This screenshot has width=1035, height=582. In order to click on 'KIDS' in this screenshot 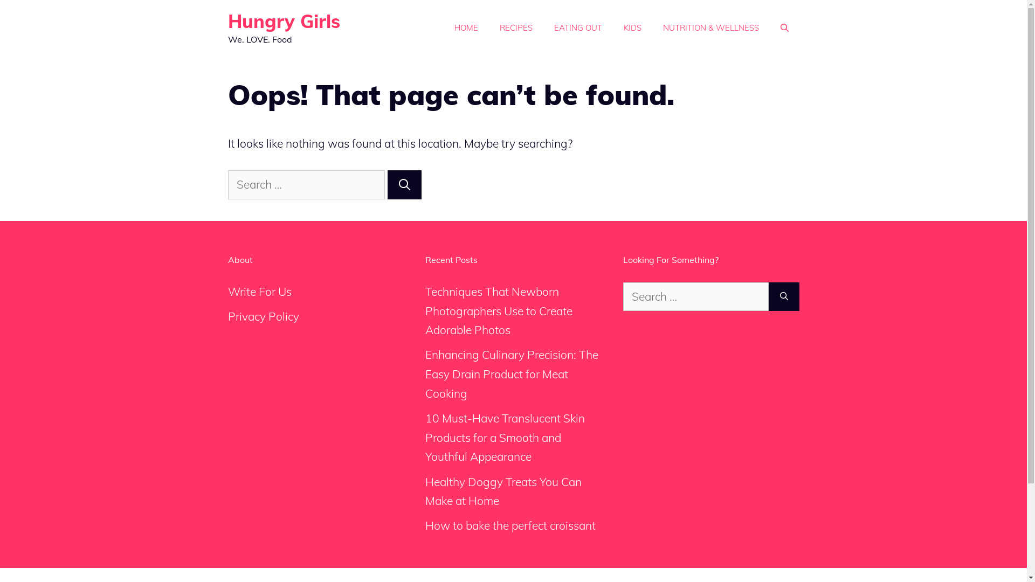, I will do `click(612, 27)`.